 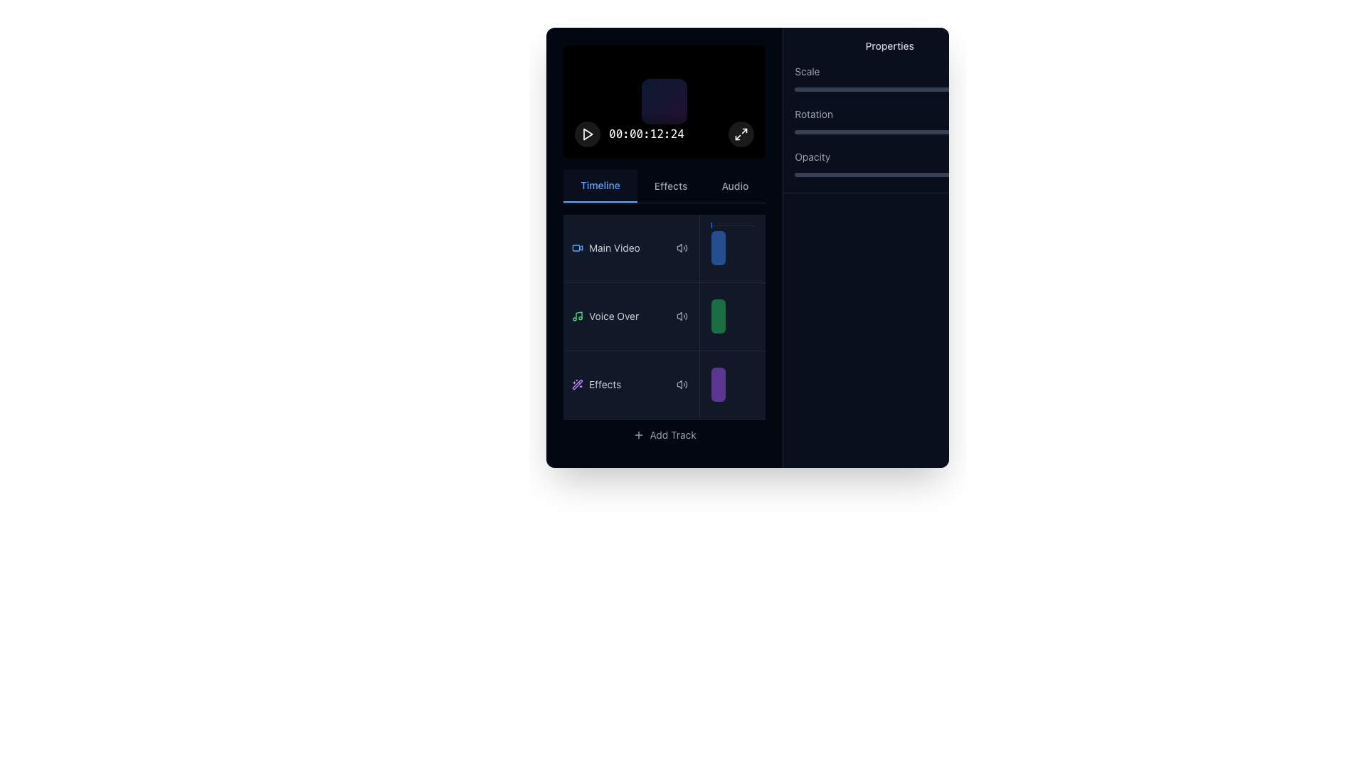 I want to click on the audio control button located, so click(x=682, y=247).